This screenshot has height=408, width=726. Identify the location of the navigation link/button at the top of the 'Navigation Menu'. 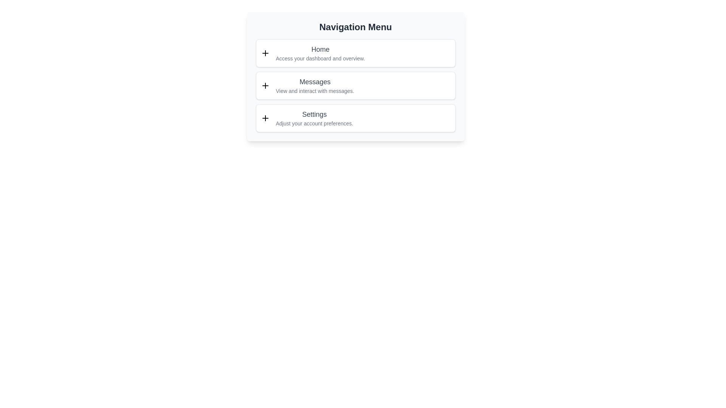
(355, 53).